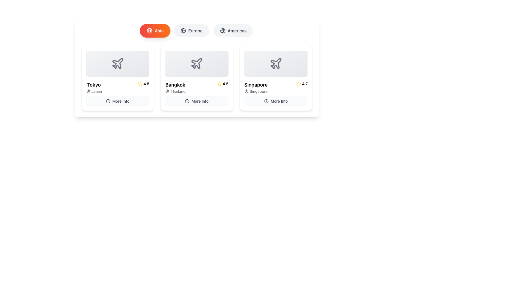 The width and height of the screenshot is (523, 294). I want to click on the geographic indicator label associated with the 'Bangkok' heading, which includes a map pin icon and is located beneath the heading in the middle card, so click(175, 91).